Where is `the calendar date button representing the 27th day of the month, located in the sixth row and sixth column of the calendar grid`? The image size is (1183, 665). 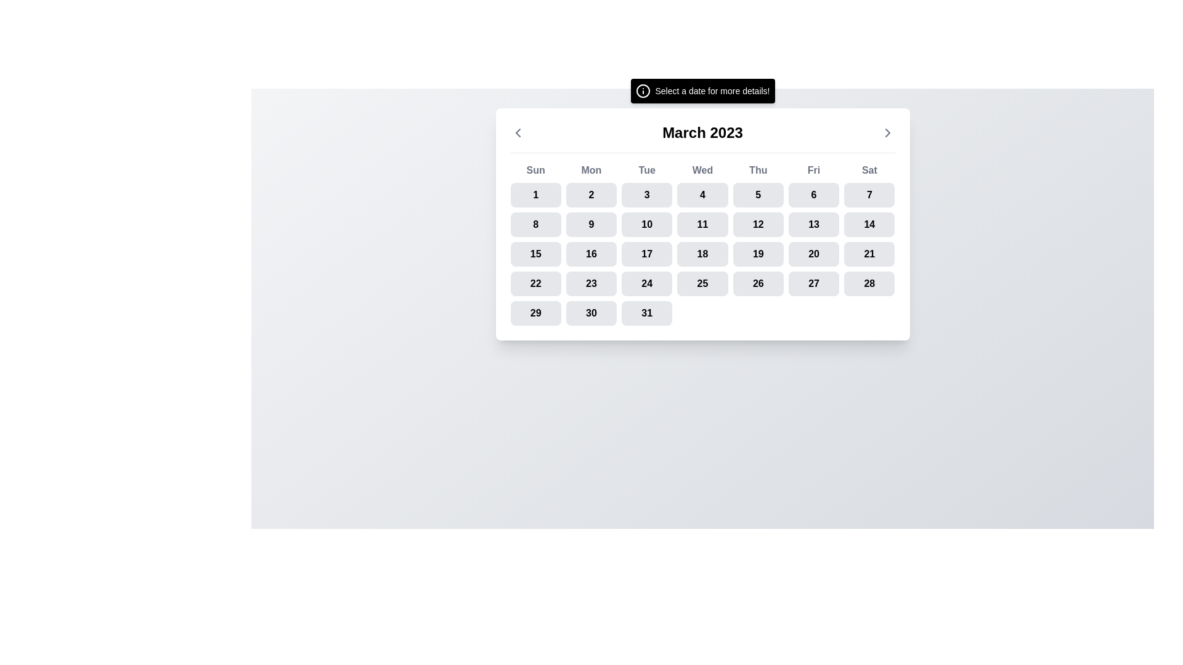
the calendar date button representing the 27th day of the month, located in the sixth row and sixth column of the calendar grid is located at coordinates (814, 284).